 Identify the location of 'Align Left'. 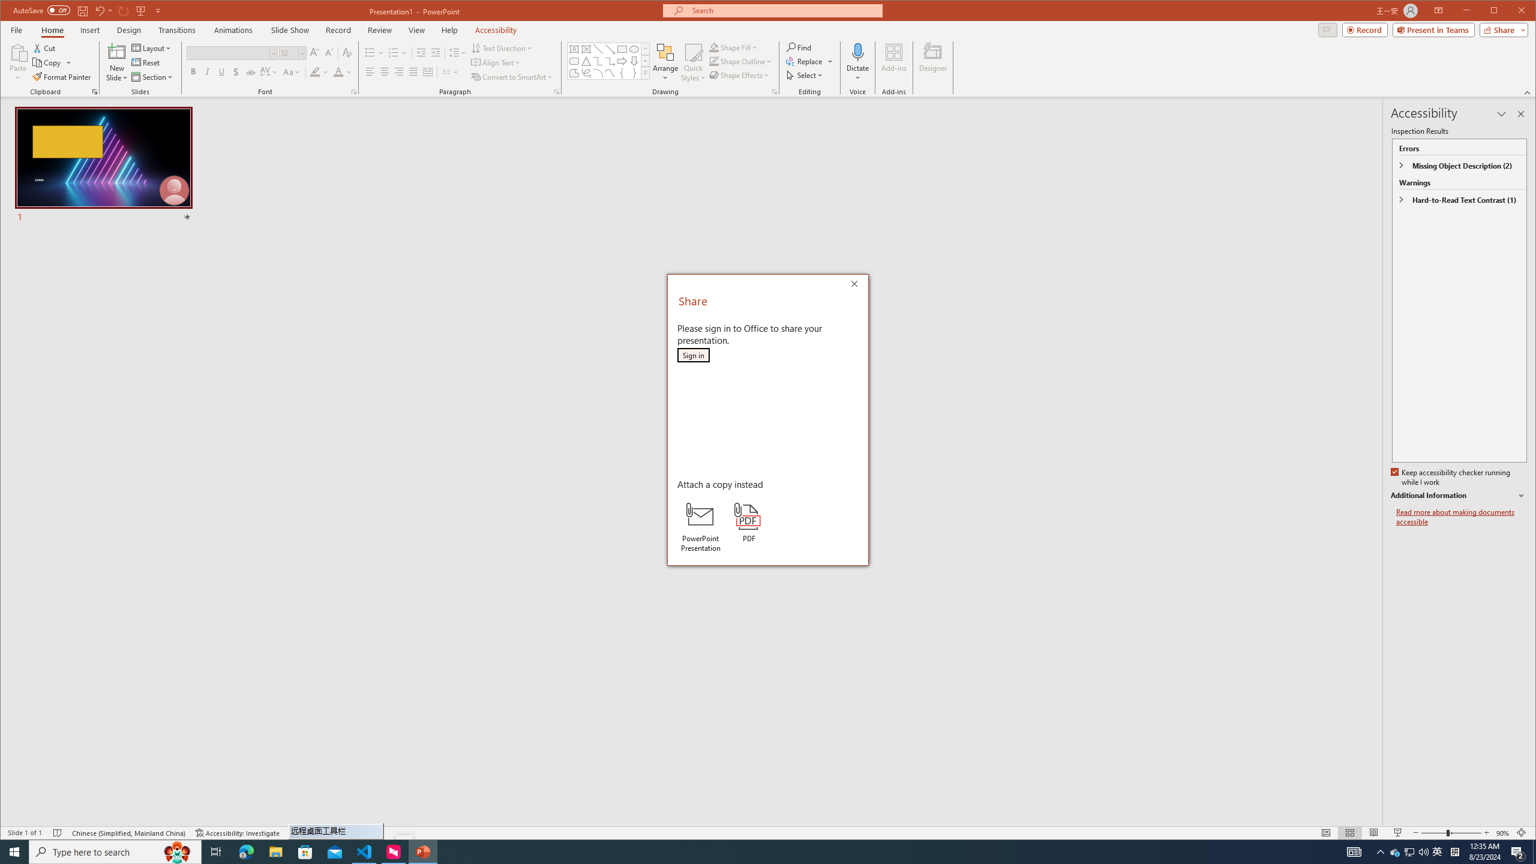
(369, 71).